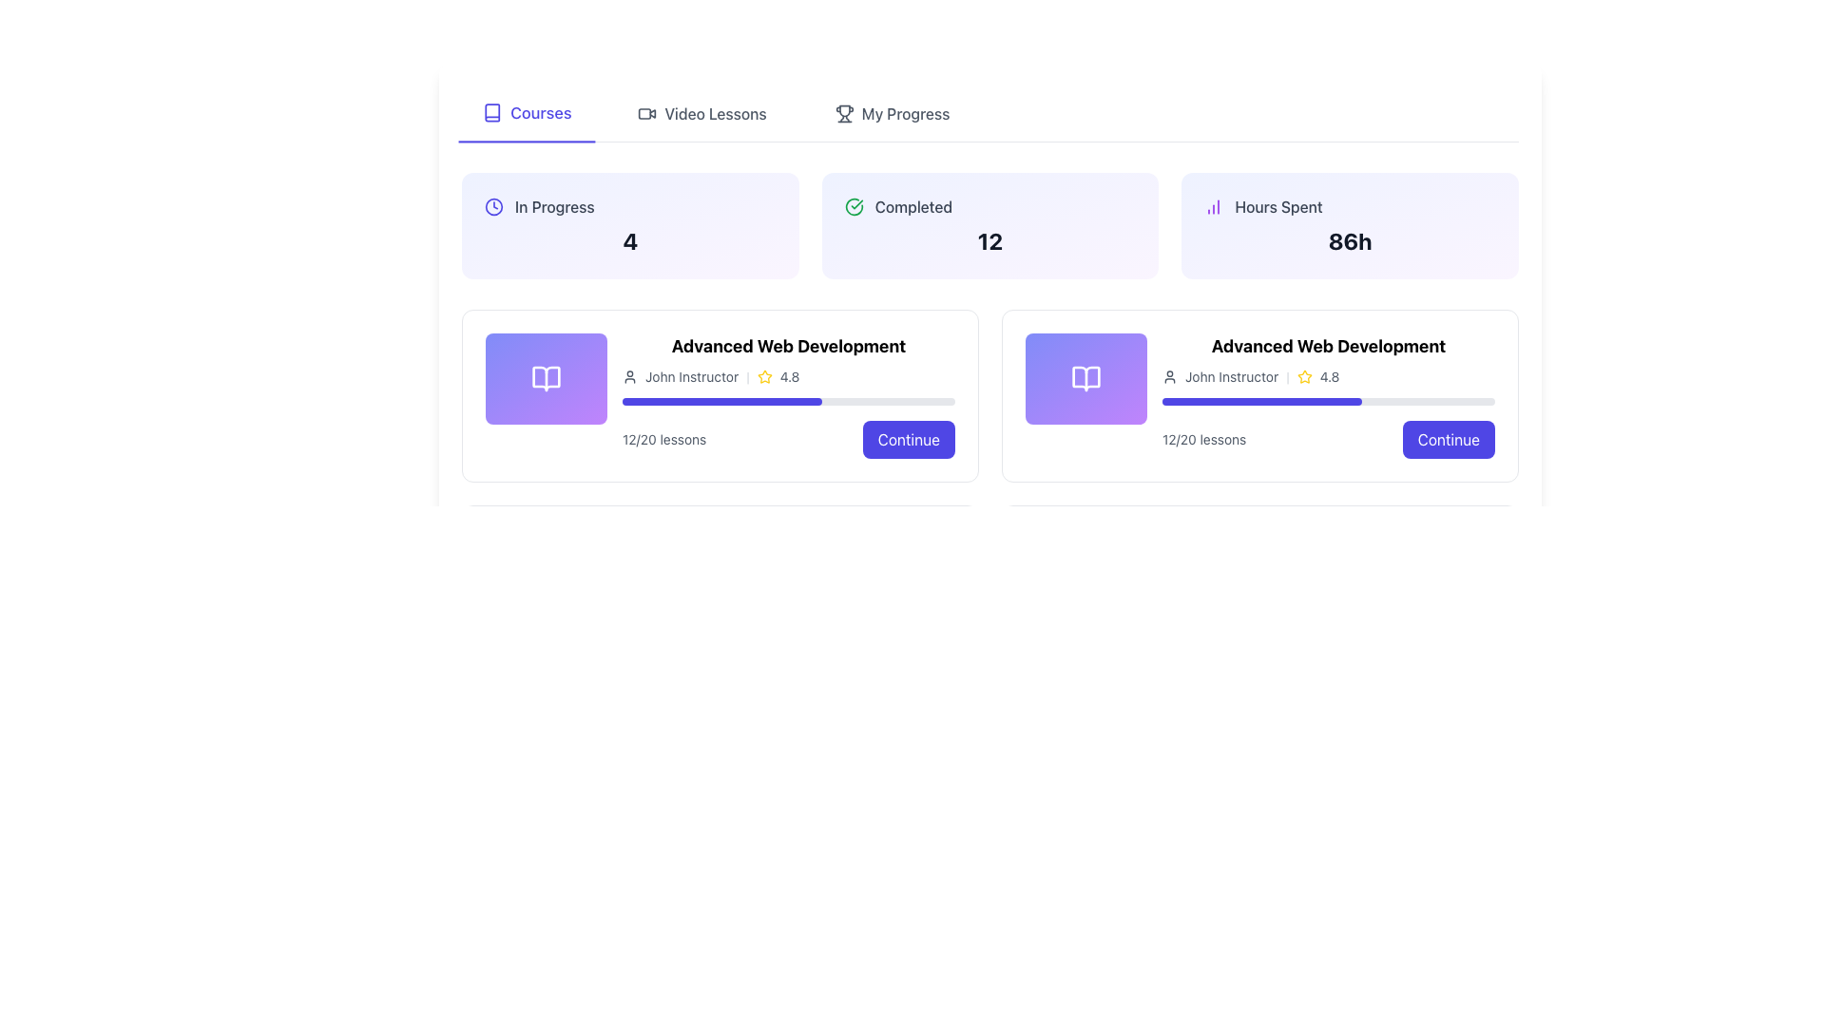  Describe the element at coordinates (493, 207) in the screenshot. I see `the circular part of the clock icon in the SVG image, located adjacent to the 'In Progress' text in the progress tracker section` at that location.